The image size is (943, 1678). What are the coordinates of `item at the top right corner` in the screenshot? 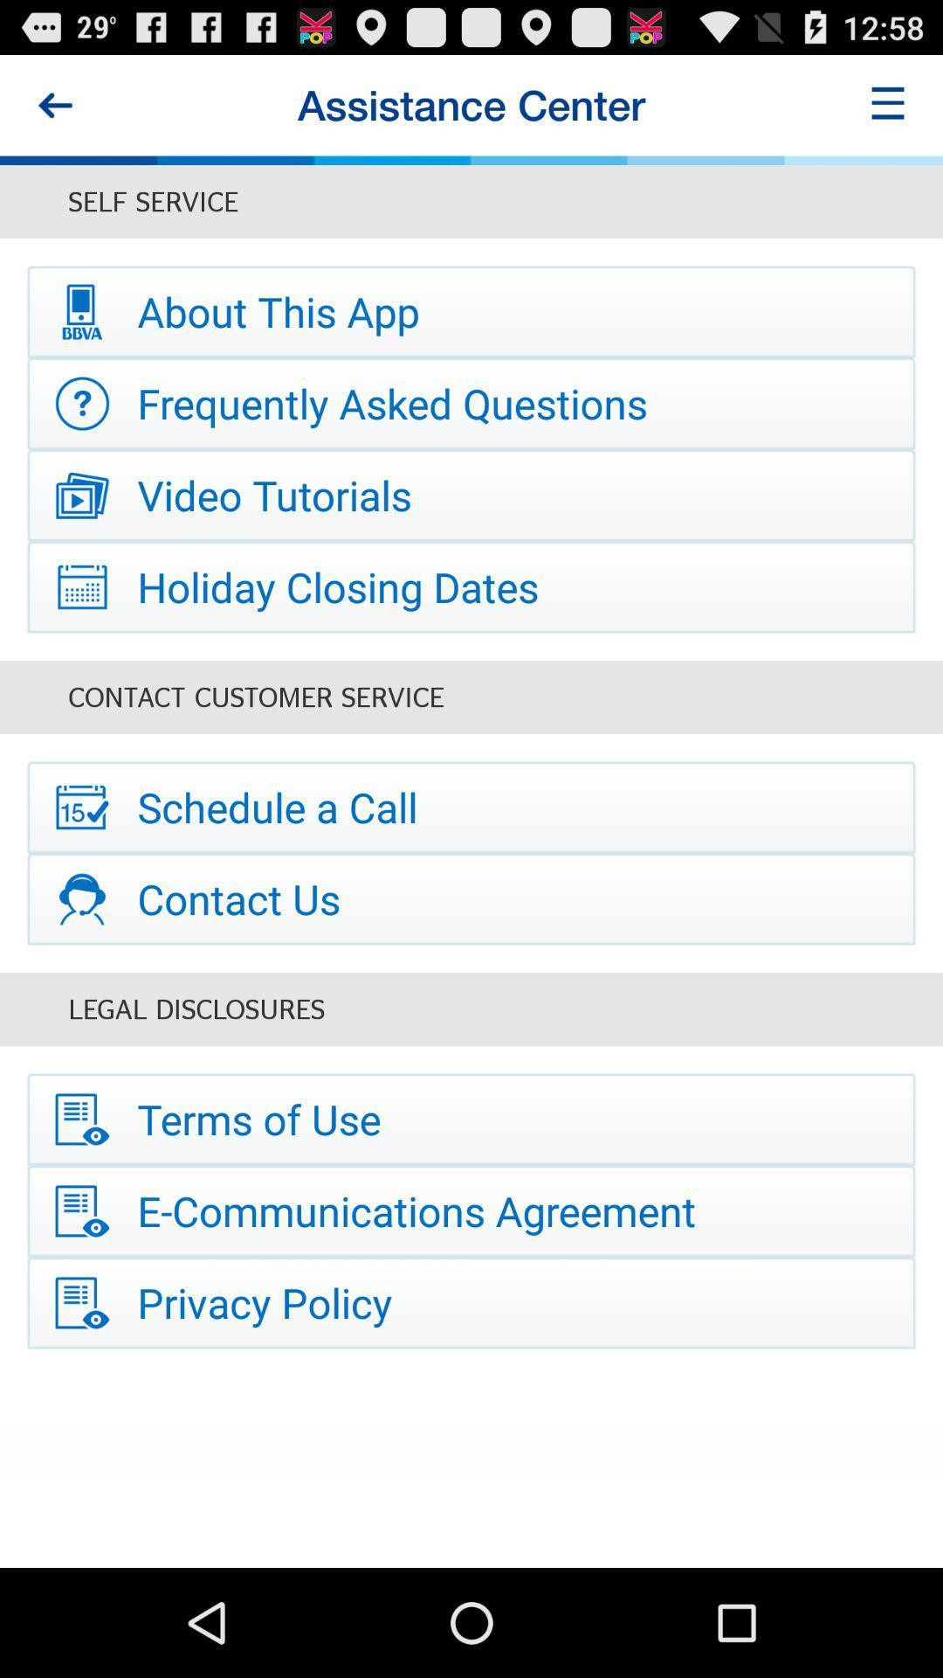 It's located at (888, 104).